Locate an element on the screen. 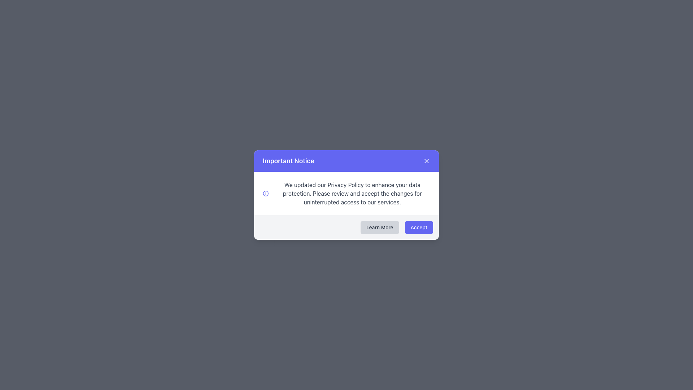  the close button represented by a small 'x' icon located at the top right corner of the 'Important Notice' notification box is located at coordinates (426, 161).